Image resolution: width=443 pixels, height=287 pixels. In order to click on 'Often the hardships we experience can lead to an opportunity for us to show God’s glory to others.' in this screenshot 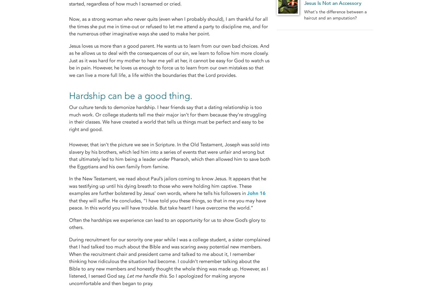, I will do `click(167, 223)`.